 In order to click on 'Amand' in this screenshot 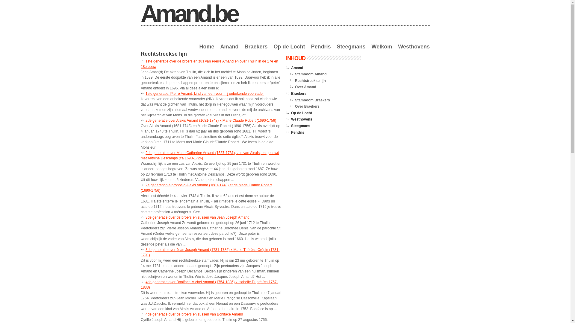, I will do `click(220, 50)`.